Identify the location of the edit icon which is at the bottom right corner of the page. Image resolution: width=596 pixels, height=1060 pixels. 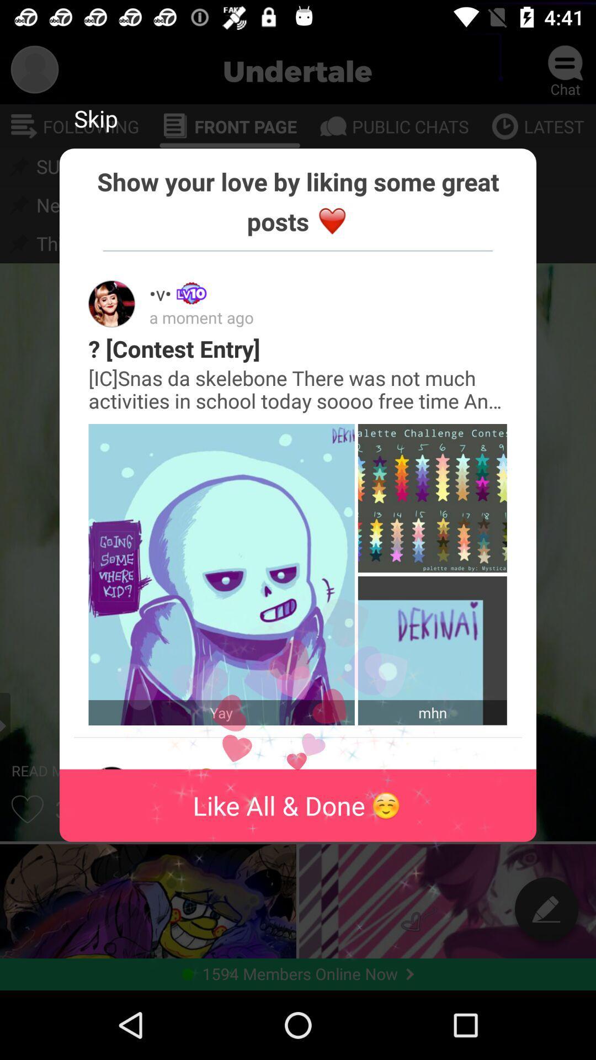
(547, 909).